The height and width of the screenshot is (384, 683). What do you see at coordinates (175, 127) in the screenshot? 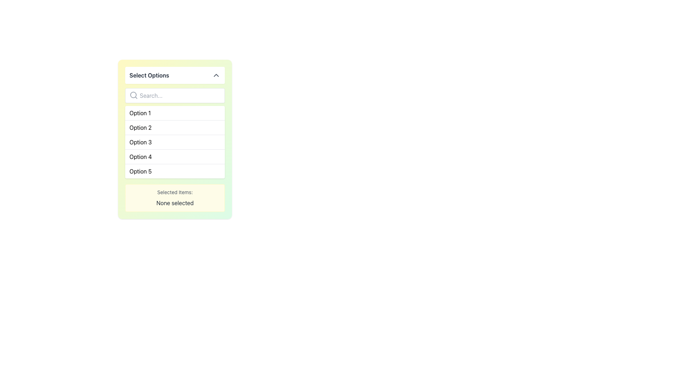
I see `the 'Option 2' button in the dropdown menu` at bounding box center [175, 127].